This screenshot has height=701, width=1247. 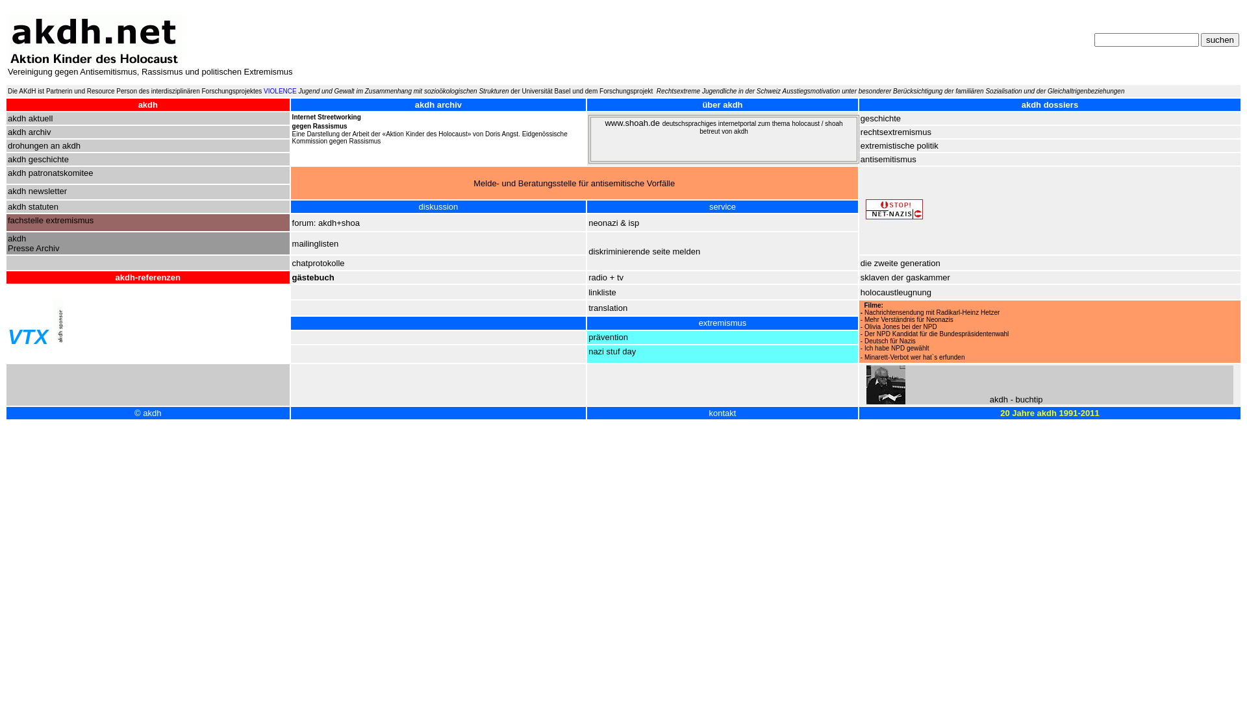 What do you see at coordinates (931, 312) in the screenshot?
I see `'Nachrichtensendung mit Radikarl-Heinz Hetzer'` at bounding box center [931, 312].